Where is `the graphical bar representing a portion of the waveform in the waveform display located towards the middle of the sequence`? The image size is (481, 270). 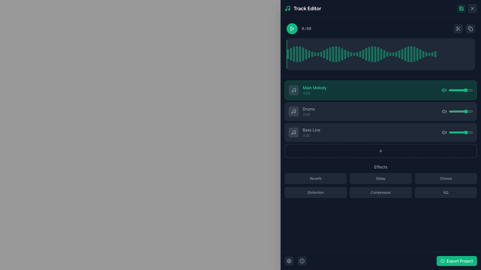 the graphical bar representing a portion of the waveform in the waveform display located towards the middle of the sequence is located at coordinates (306, 54).